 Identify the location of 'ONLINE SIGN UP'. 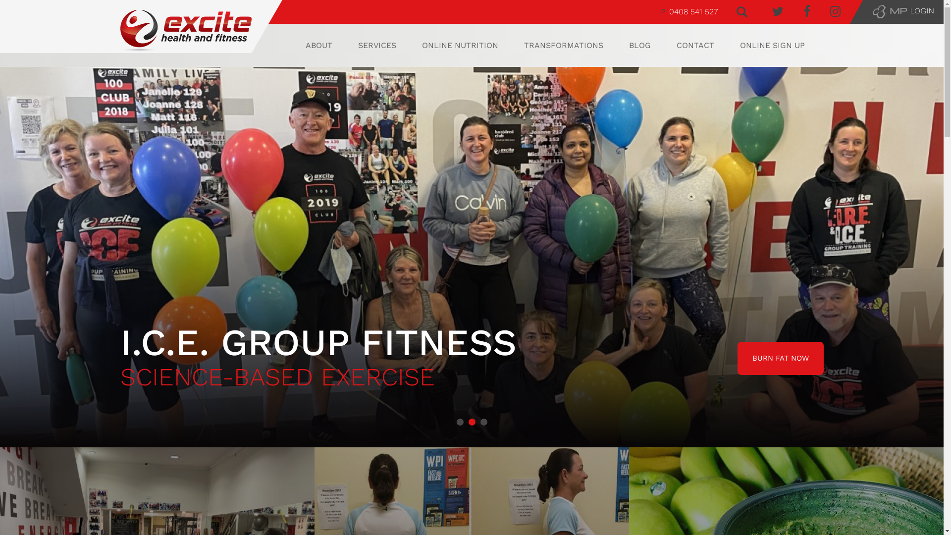
(772, 45).